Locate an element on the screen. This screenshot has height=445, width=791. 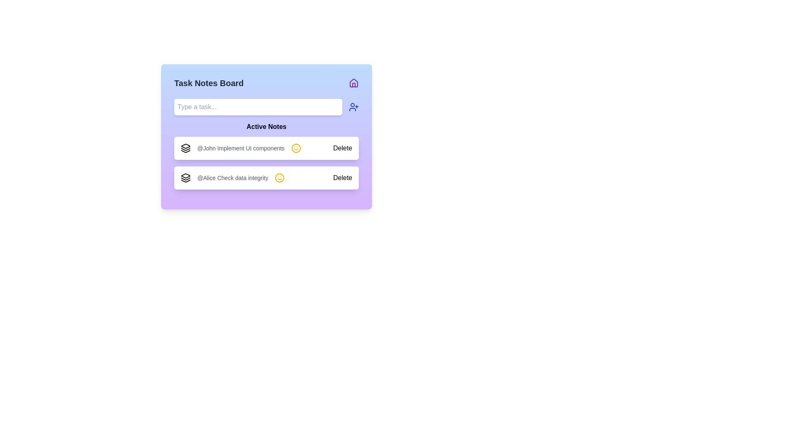
the middle graphical icon component in the layered stack located at the top right corner of the interface is located at coordinates (185, 149).